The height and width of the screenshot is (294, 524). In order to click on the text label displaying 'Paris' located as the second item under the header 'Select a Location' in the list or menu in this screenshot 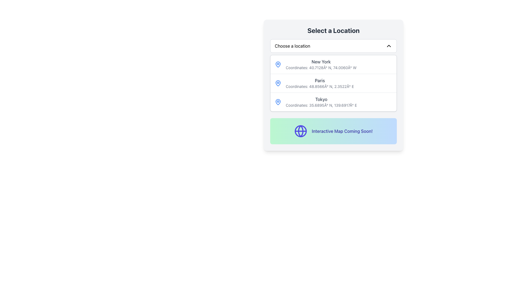, I will do `click(320, 83)`.